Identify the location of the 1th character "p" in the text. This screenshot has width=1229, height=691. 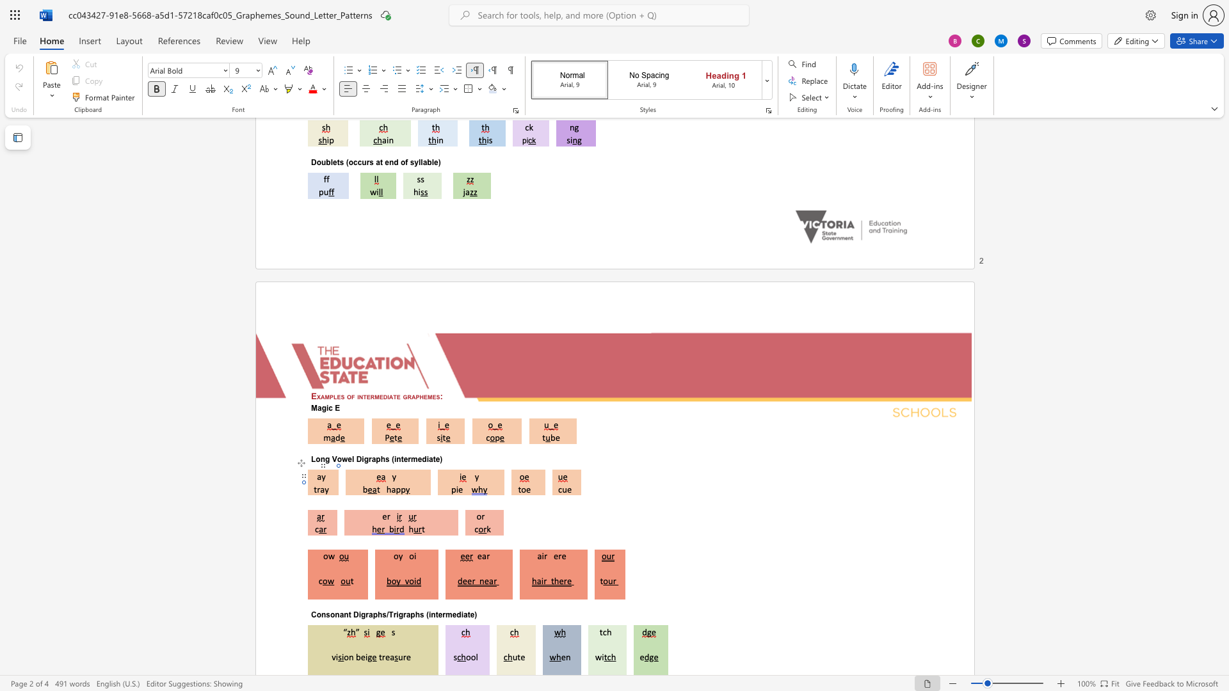
(331, 395).